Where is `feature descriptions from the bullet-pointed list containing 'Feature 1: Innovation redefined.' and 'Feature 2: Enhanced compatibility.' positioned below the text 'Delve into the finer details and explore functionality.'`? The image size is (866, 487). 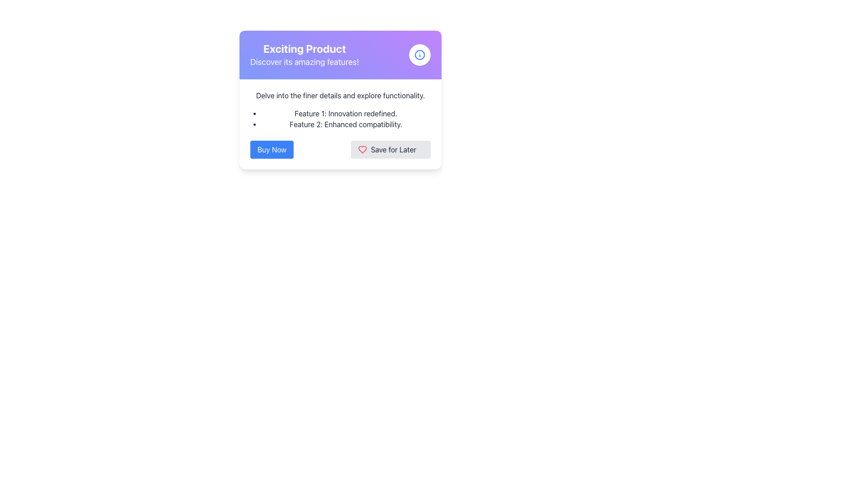 feature descriptions from the bullet-pointed list containing 'Feature 1: Innovation redefined.' and 'Feature 2: Enhanced compatibility.' positioned below the text 'Delve into the finer details and explore functionality.' is located at coordinates (340, 118).